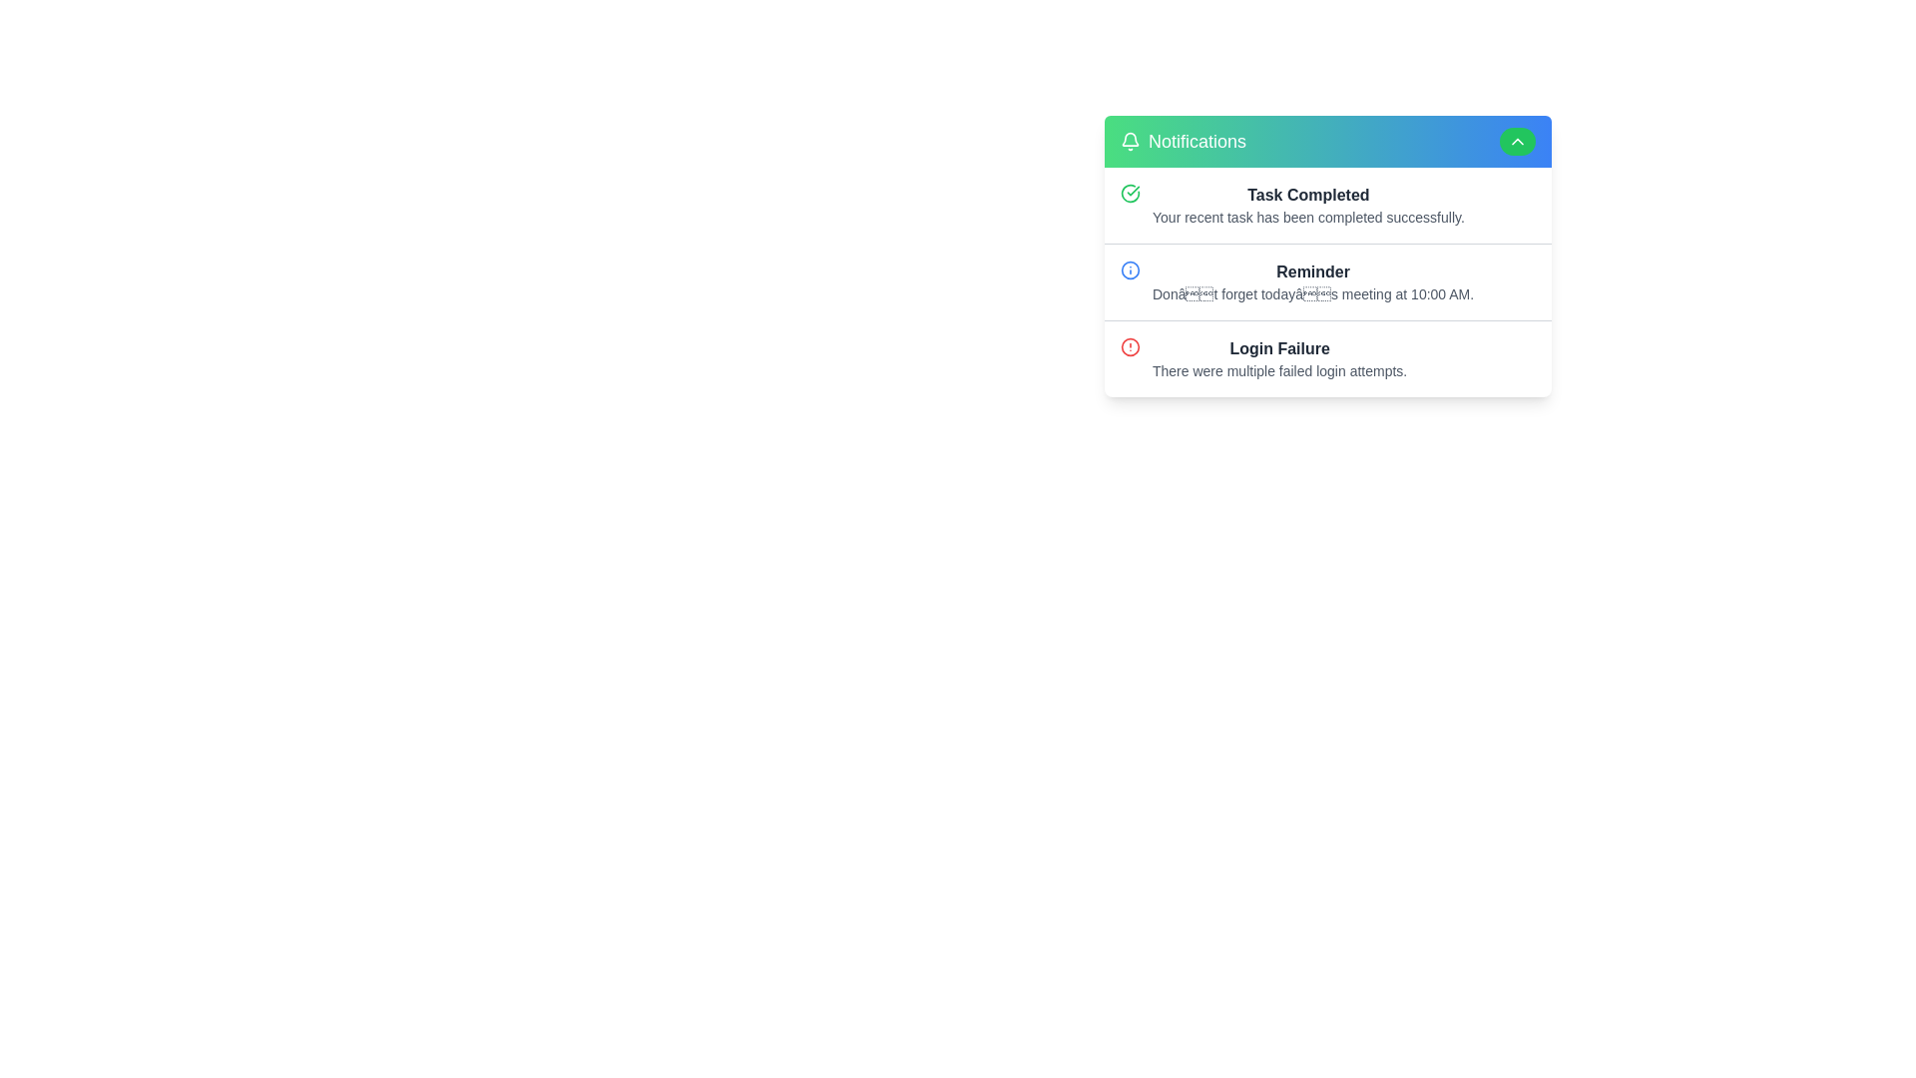  Describe the element at coordinates (1130, 269) in the screenshot. I see `the informational icon in the 'Reminder' notification that indicates additional details about the meeting reminder` at that location.